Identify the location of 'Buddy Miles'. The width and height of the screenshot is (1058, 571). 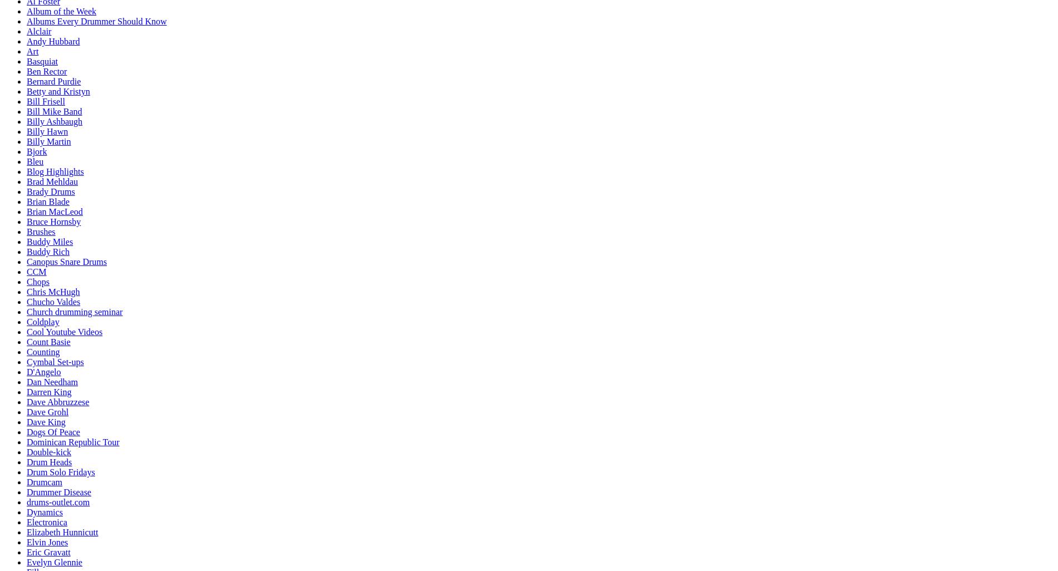
(50, 242).